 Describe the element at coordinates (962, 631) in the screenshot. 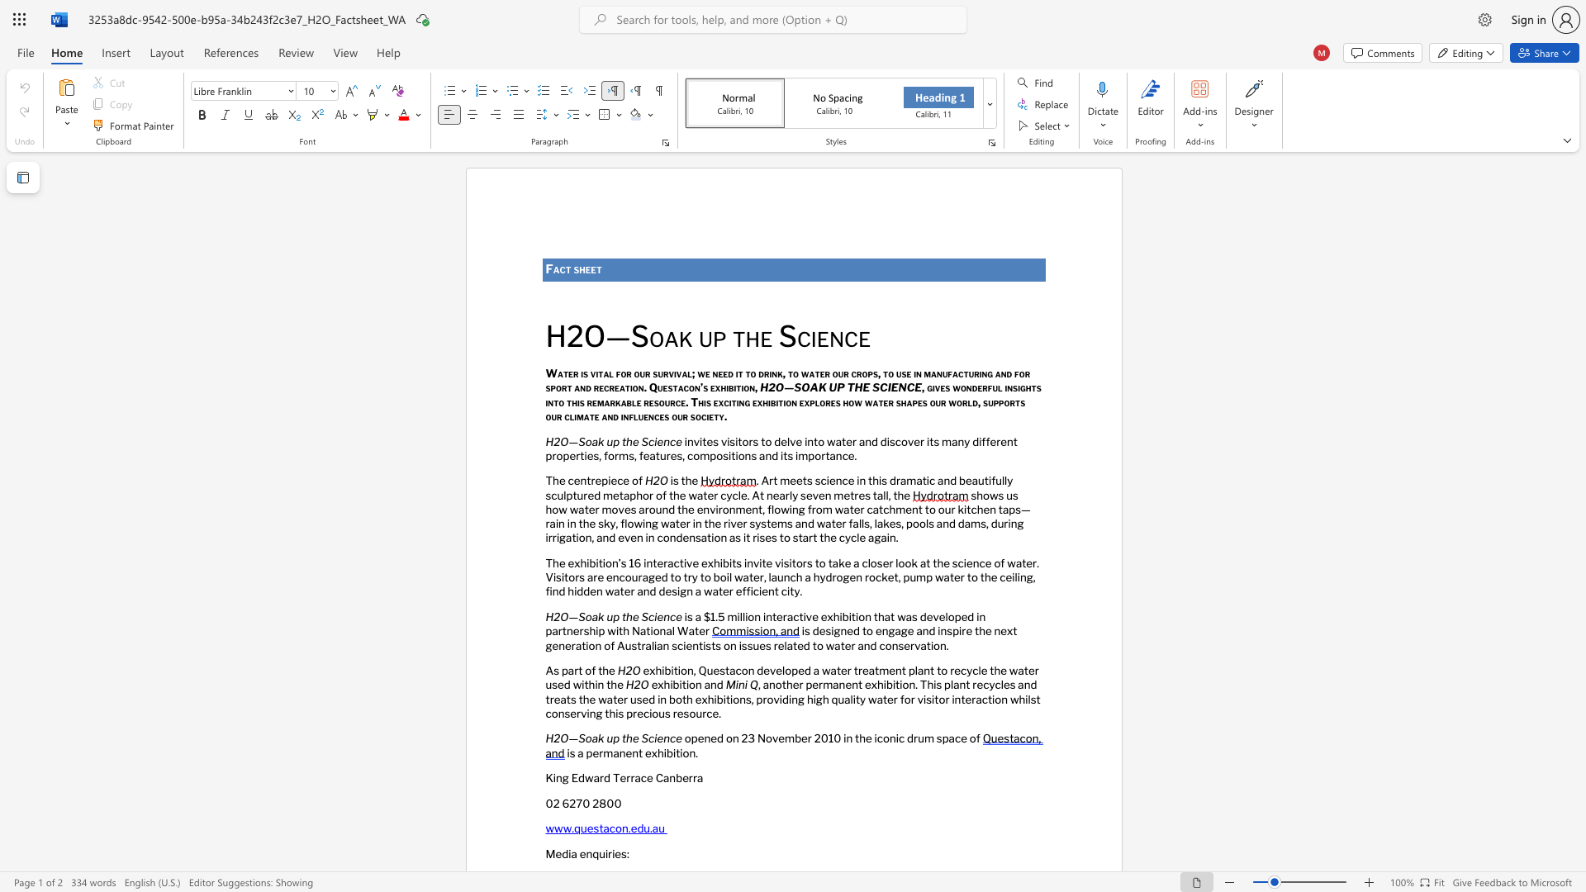

I see `the space between the continuous character "i" and "r" in the text` at that location.